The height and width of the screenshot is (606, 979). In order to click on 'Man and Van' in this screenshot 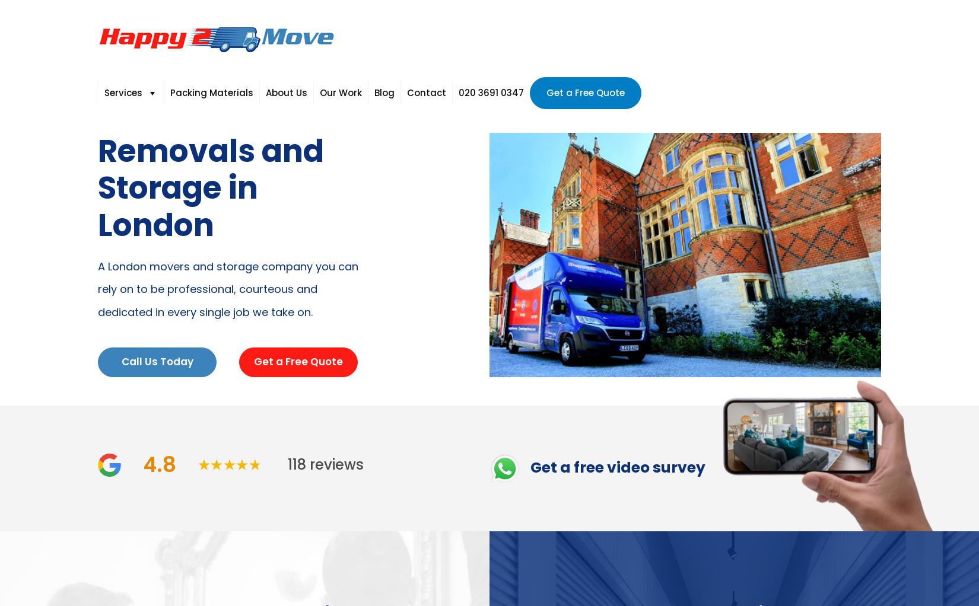, I will do `click(132, 141)`.